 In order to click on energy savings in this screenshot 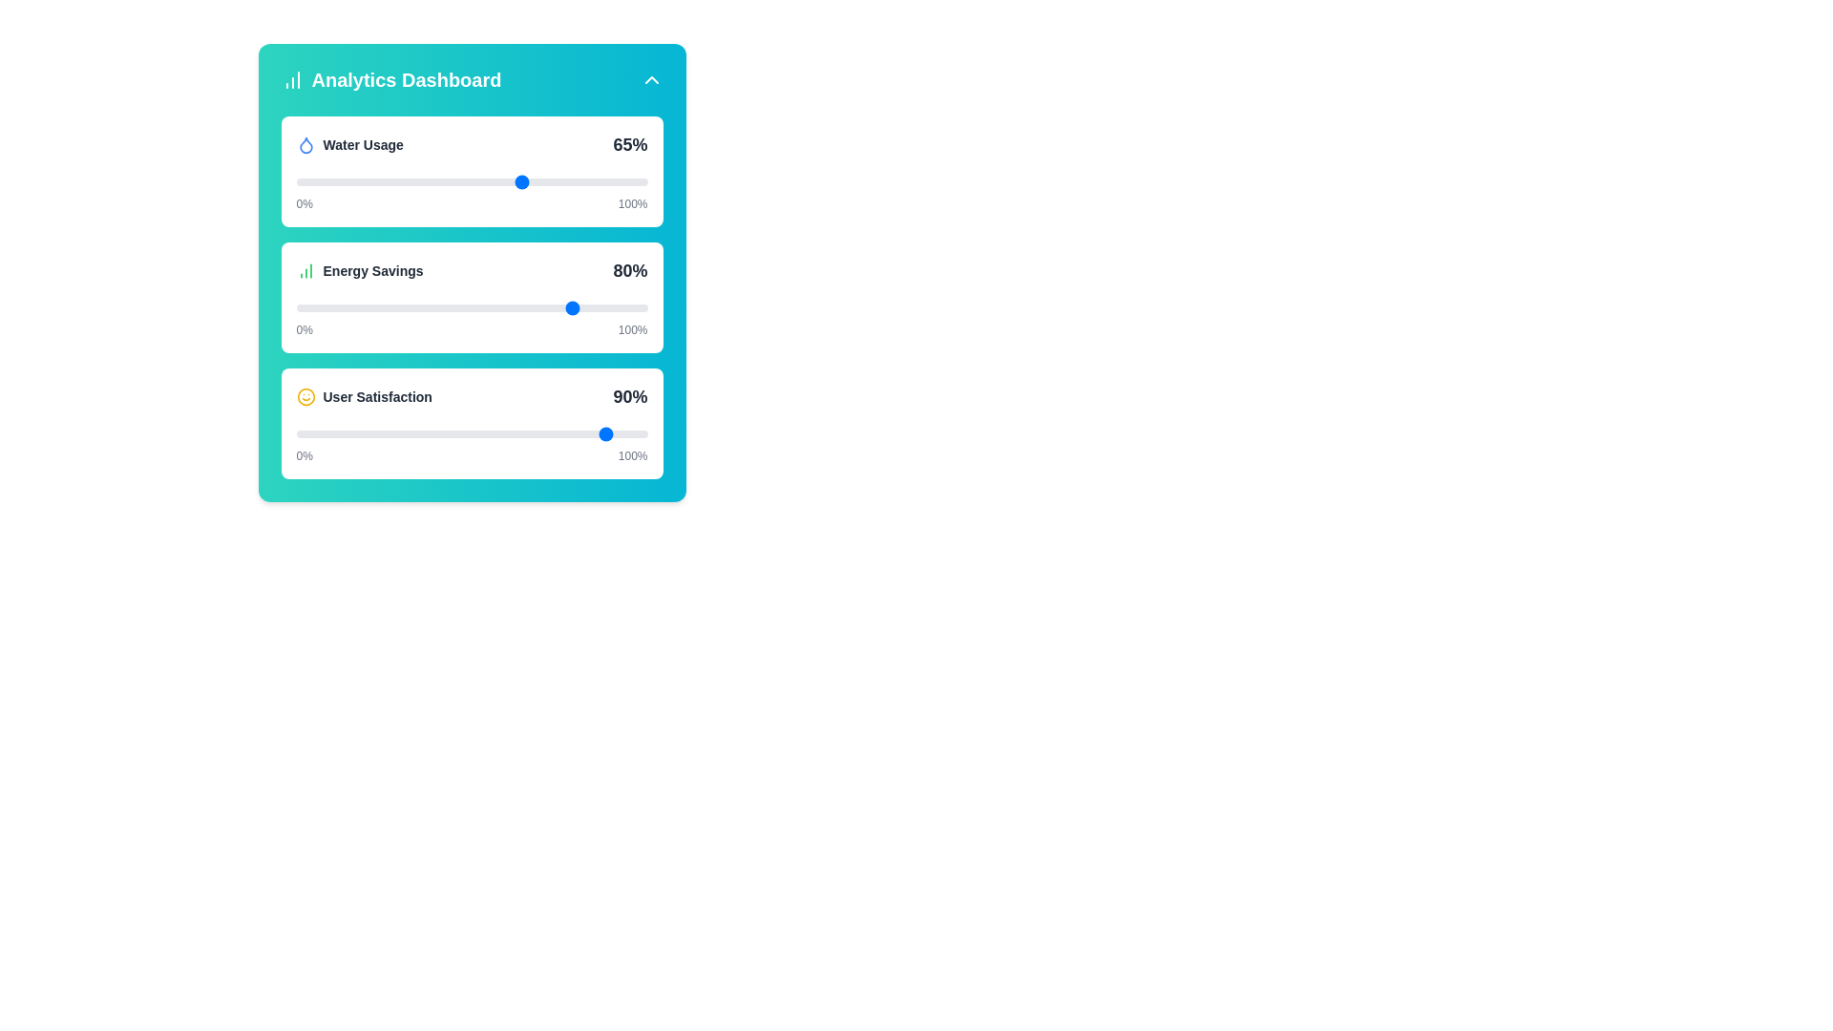, I will do `click(521, 307)`.